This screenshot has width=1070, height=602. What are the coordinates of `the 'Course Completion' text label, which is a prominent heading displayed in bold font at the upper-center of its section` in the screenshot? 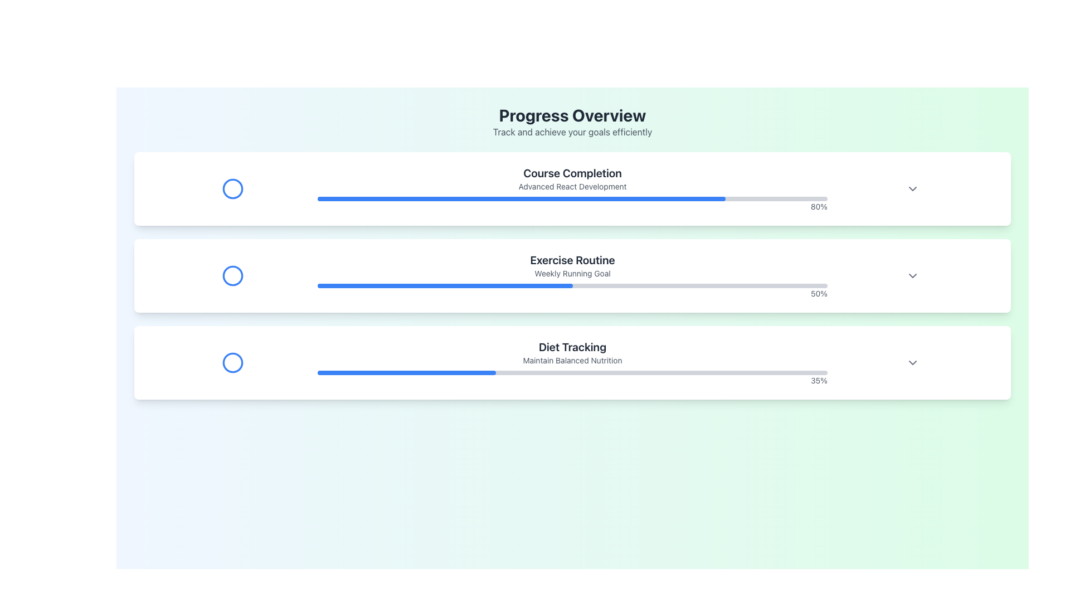 It's located at (572, 173).